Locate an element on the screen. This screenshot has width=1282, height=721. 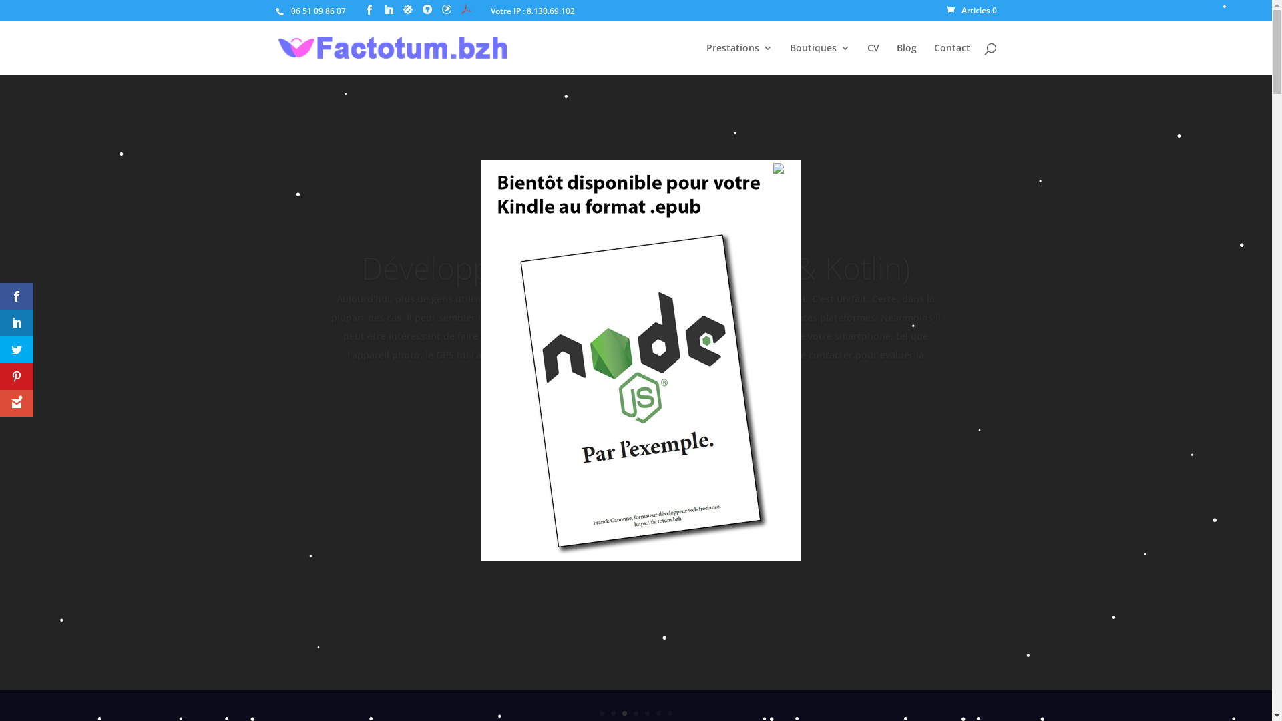
'Fermer' is located at coordinates (785, 168).